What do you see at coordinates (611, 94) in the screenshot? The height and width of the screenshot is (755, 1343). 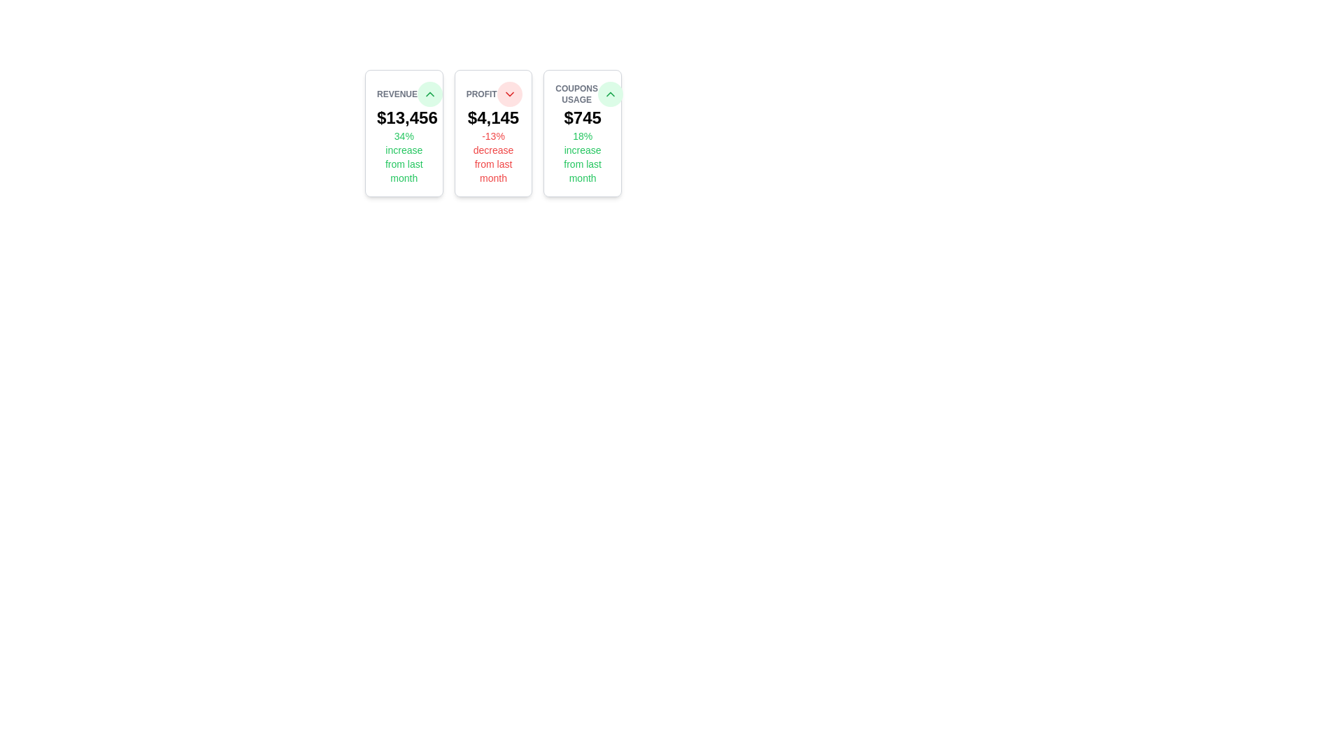 I see `the upward-facing arrow indicator with a green outline, located within a light green circular background, which represents an upward trend above the '$13,456' revenue label` at bounding box center [611, 94].